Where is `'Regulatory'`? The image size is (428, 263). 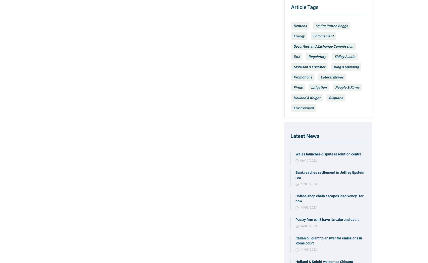
'Regulatory' is located at coordinates (308, 56).